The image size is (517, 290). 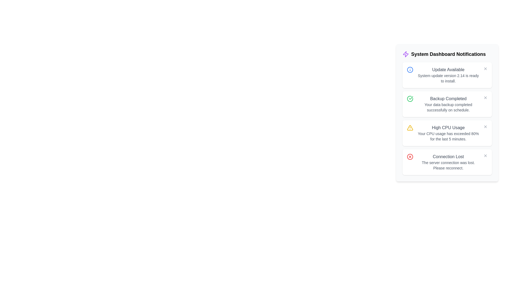 I want to click on the bold text title 'System Dashboard Notifications' located at the top right corner of the main notification panel, so click(x=448, y=54).